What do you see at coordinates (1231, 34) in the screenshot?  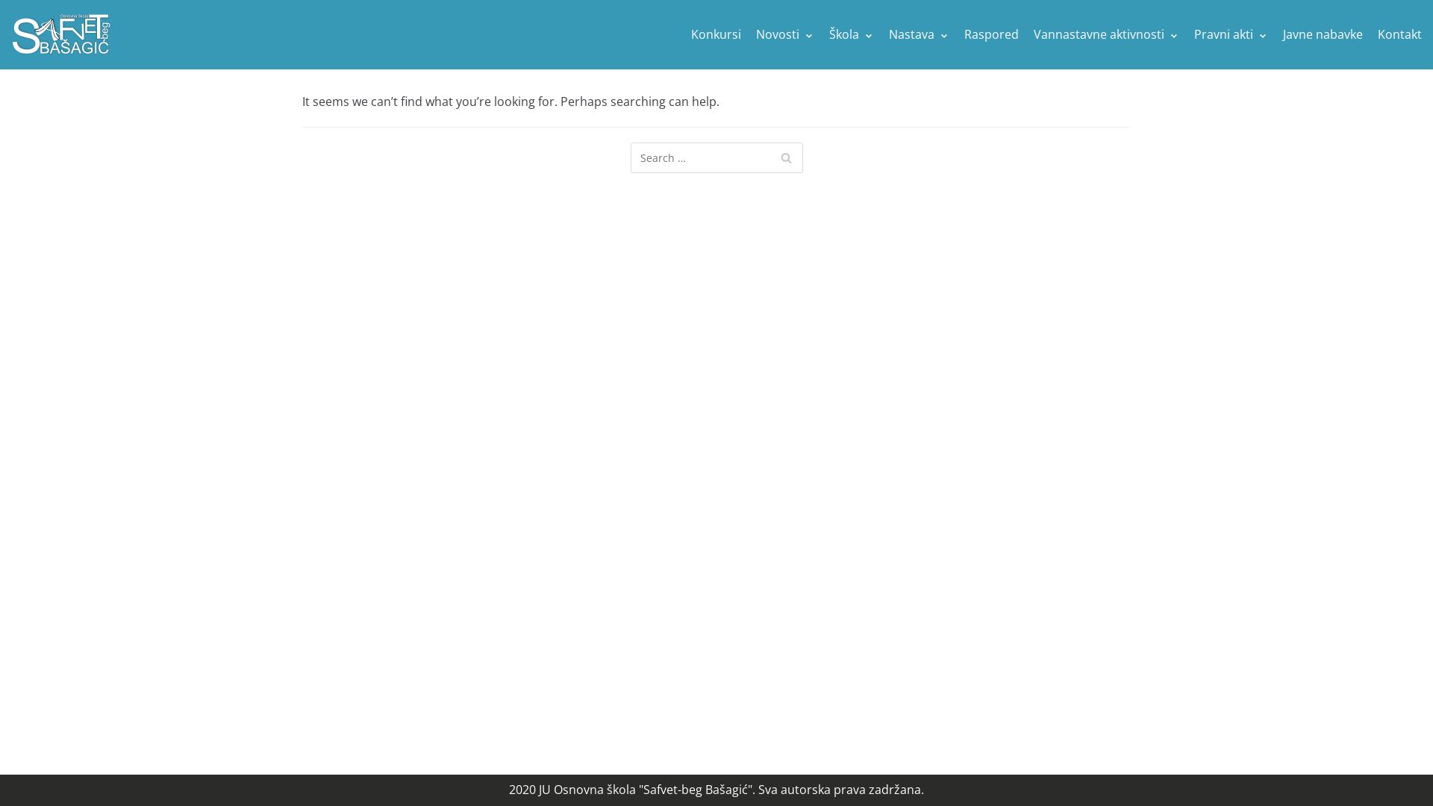 I see `'Pravni akti'` at bounding box center [1231, 34].